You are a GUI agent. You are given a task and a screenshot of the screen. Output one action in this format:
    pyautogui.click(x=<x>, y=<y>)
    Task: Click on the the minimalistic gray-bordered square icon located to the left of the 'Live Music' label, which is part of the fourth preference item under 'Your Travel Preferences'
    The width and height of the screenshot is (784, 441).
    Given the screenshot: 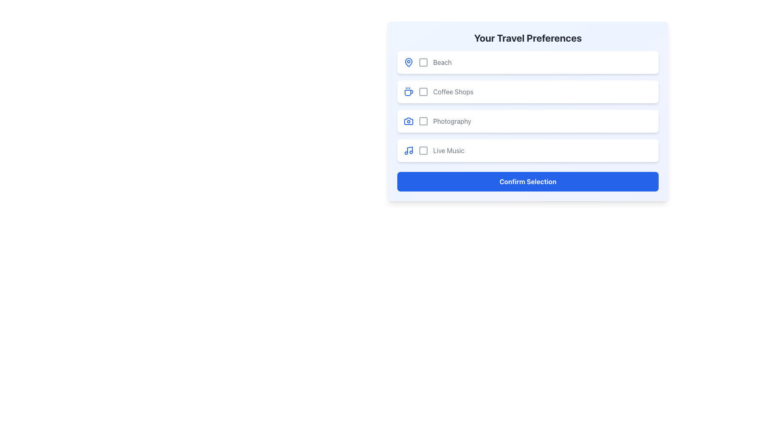 What is the action you would take?
    pyautogui.click(x=423, y=151)
    